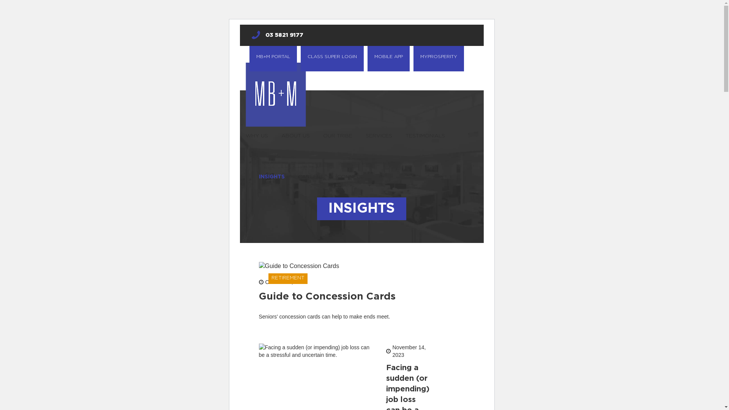 This screenshot has width=729, height=410. I want to click on 'MYPROSPERITY', so click(438, 58).